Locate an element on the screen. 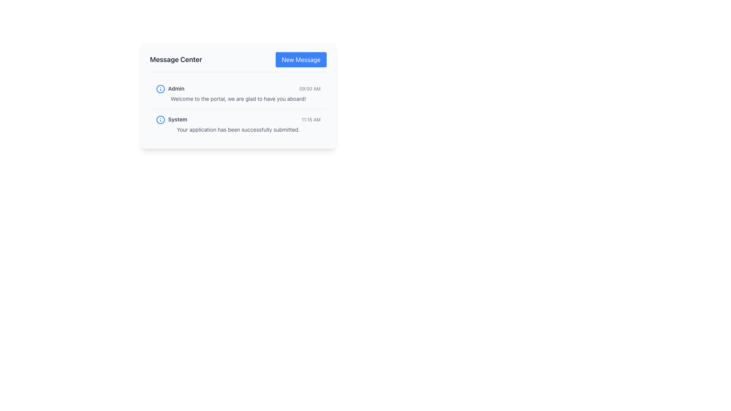 Image resolution: width=731 pixels, height=411 pixels. the button located on the right side of the 'Message Center' widget is located at coordinates (301, 59).